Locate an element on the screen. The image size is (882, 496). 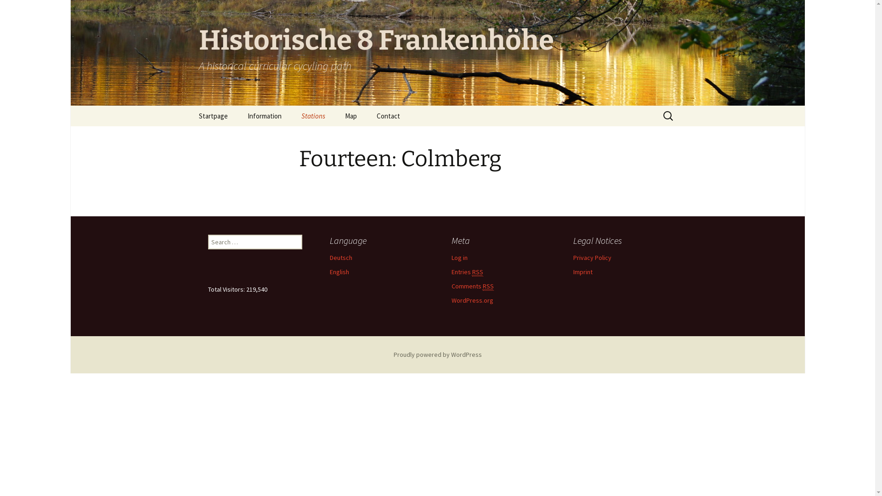
'English' is located at coordinates (330, 271).